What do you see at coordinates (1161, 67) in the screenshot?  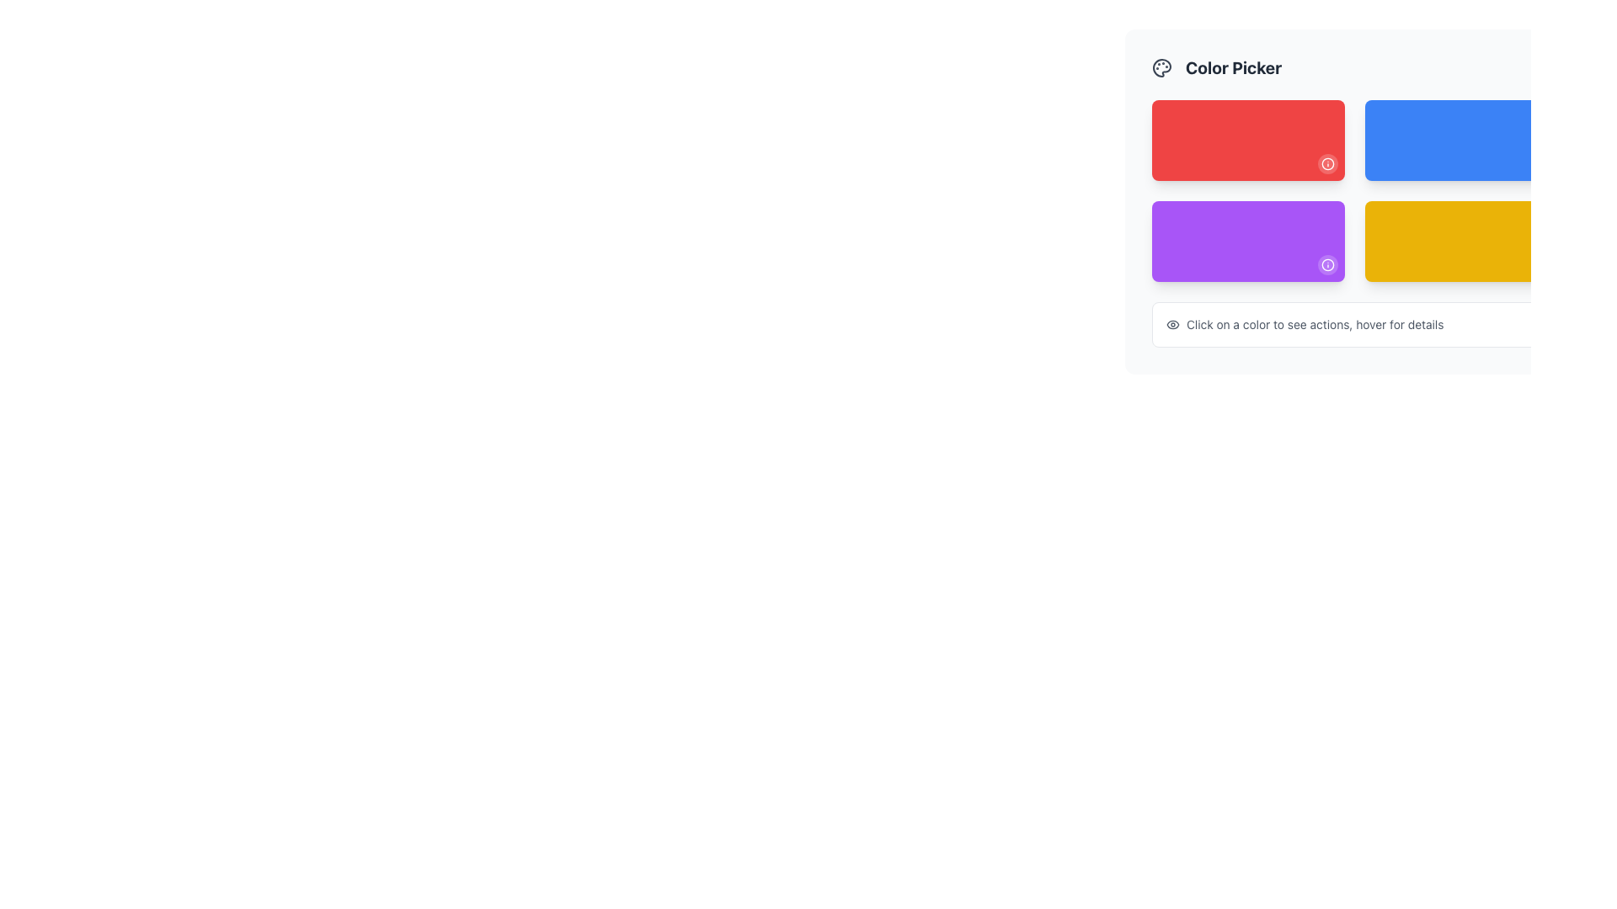 I see `the gray palette icon located to the left of the 'Color Picker' text` at bounding box center [1161, 67].